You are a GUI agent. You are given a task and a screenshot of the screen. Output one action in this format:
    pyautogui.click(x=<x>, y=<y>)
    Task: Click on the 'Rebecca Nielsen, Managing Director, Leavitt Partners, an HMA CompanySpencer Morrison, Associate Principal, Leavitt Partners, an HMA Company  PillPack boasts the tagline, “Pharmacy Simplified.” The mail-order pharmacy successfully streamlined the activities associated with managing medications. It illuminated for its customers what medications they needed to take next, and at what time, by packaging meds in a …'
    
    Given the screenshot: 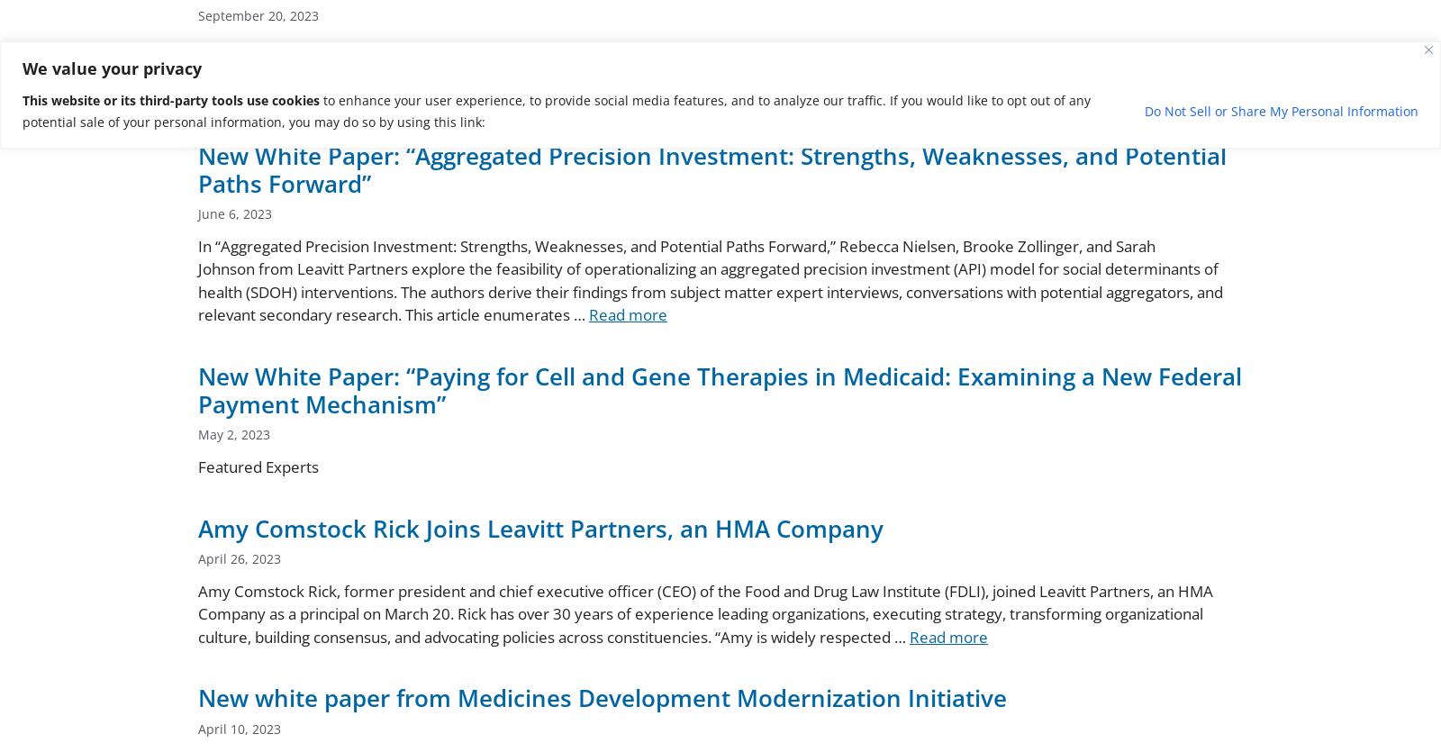 What is the action you would take?
    pyautogui.click(x=198, y=70)
    